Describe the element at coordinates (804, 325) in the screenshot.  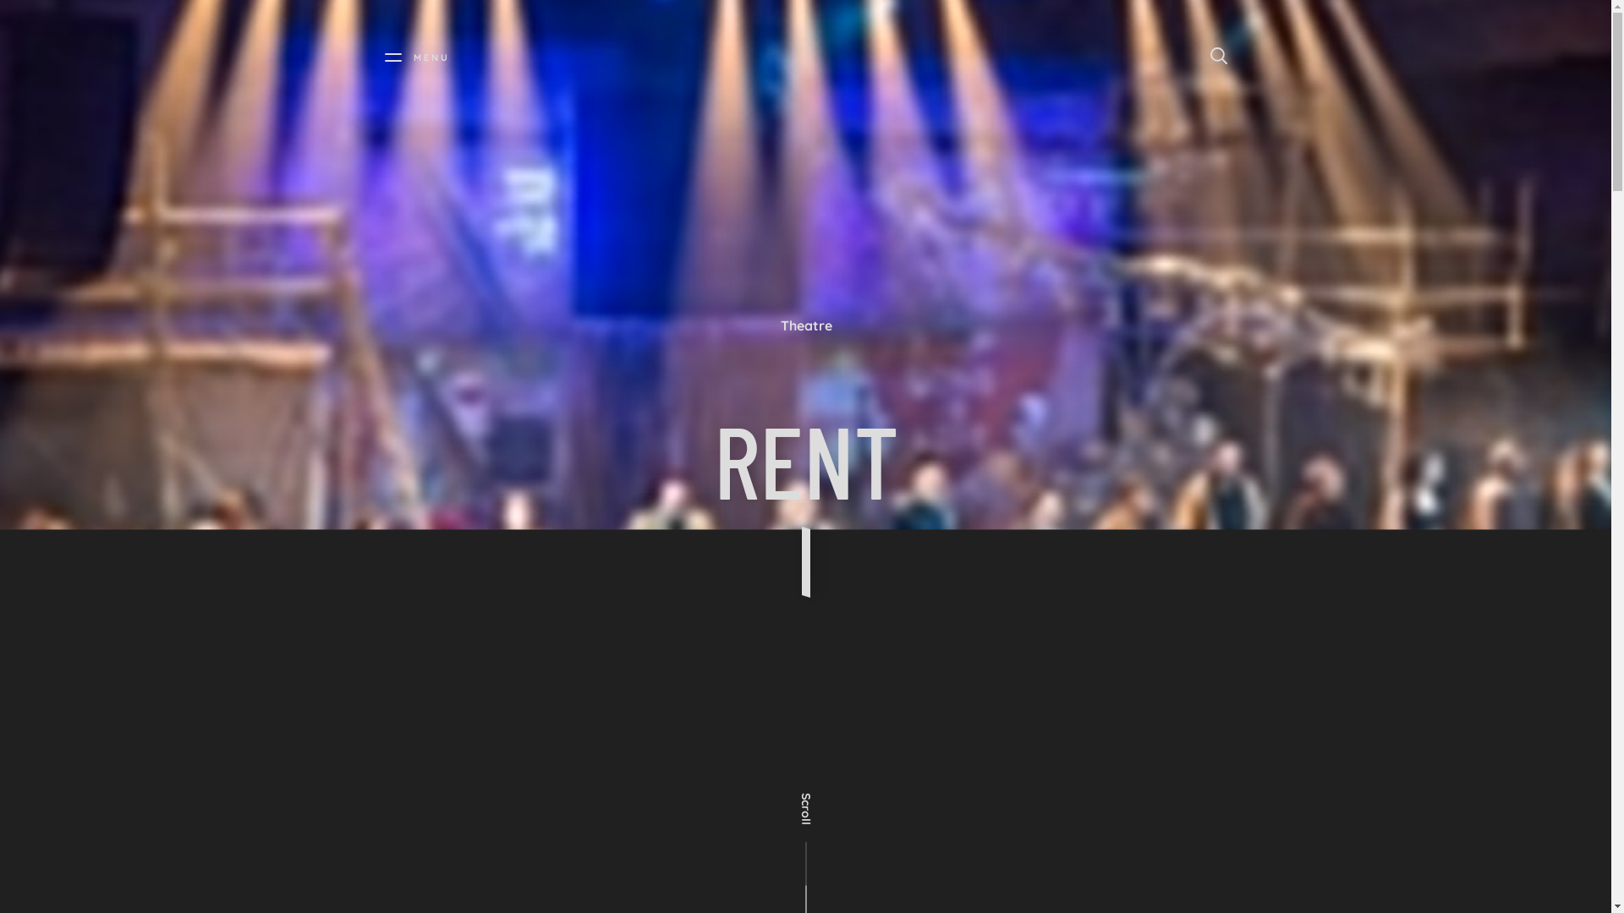
I see `'Theatre'` at that location.